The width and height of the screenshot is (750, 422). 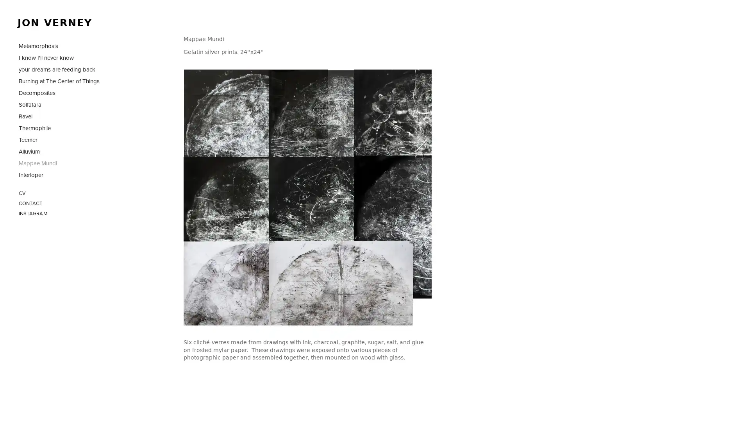 I want to click on View fullsize DSC_0624.jpg, so click(x=392, y=193).